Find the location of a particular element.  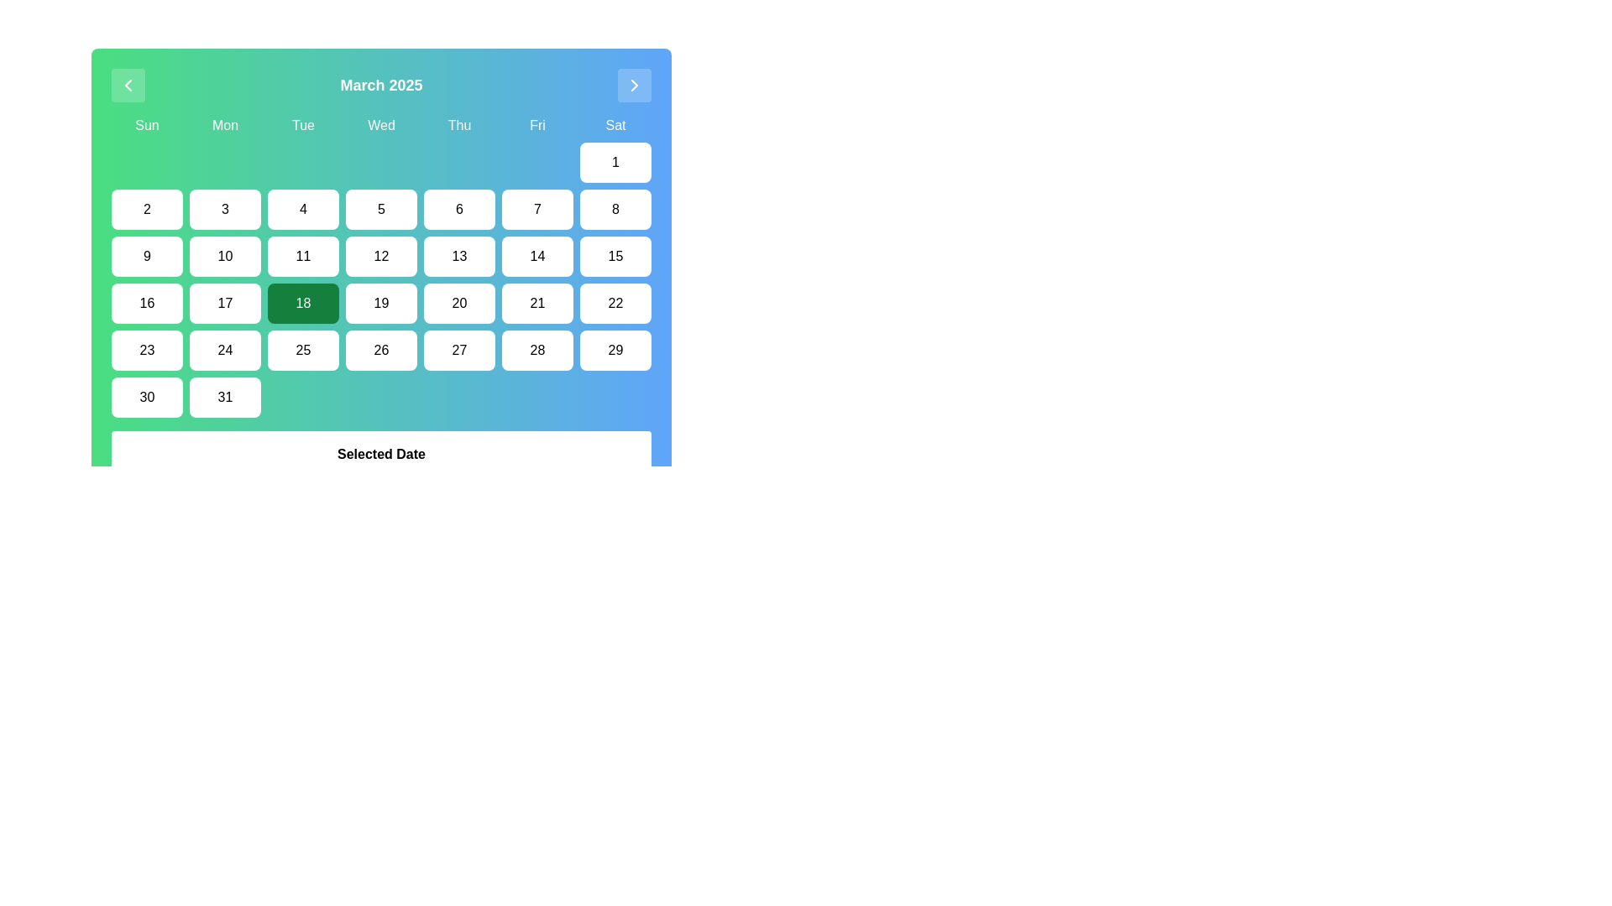

the rectangular button with rounded corners and a white background that displays the text '10' in bold black font, located in the calendar grid under the 'Mon' column, specifically in the third row is located at coordinates (224, 256).